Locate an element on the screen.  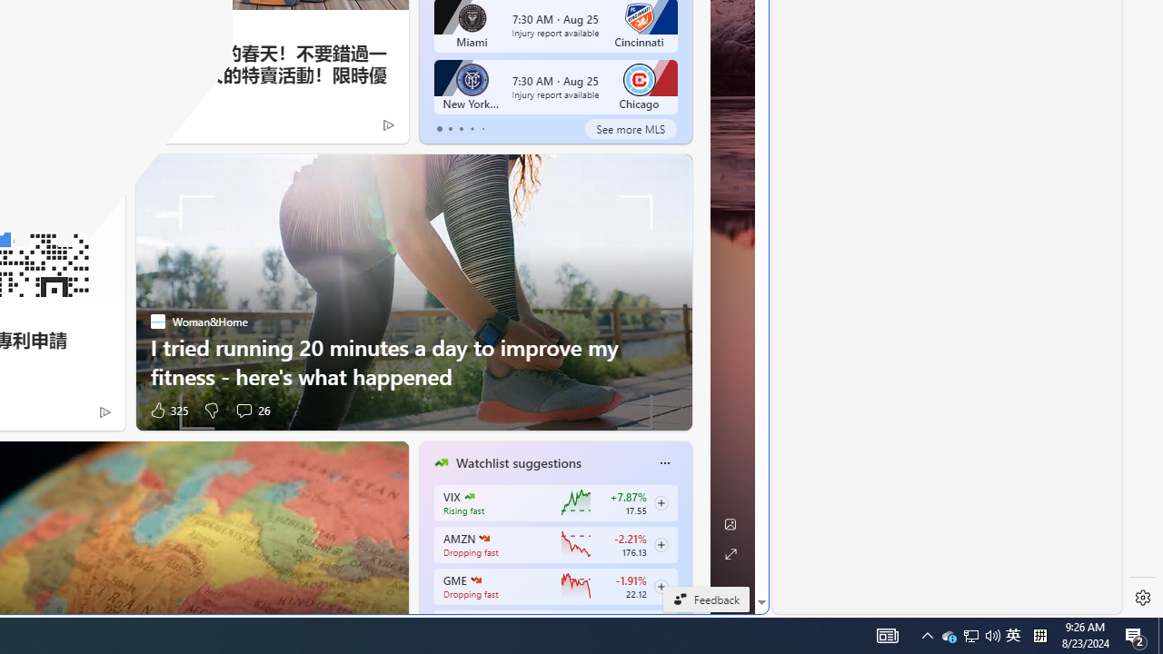
'View comments 26 Comment' is located at coordinates (243, 411).